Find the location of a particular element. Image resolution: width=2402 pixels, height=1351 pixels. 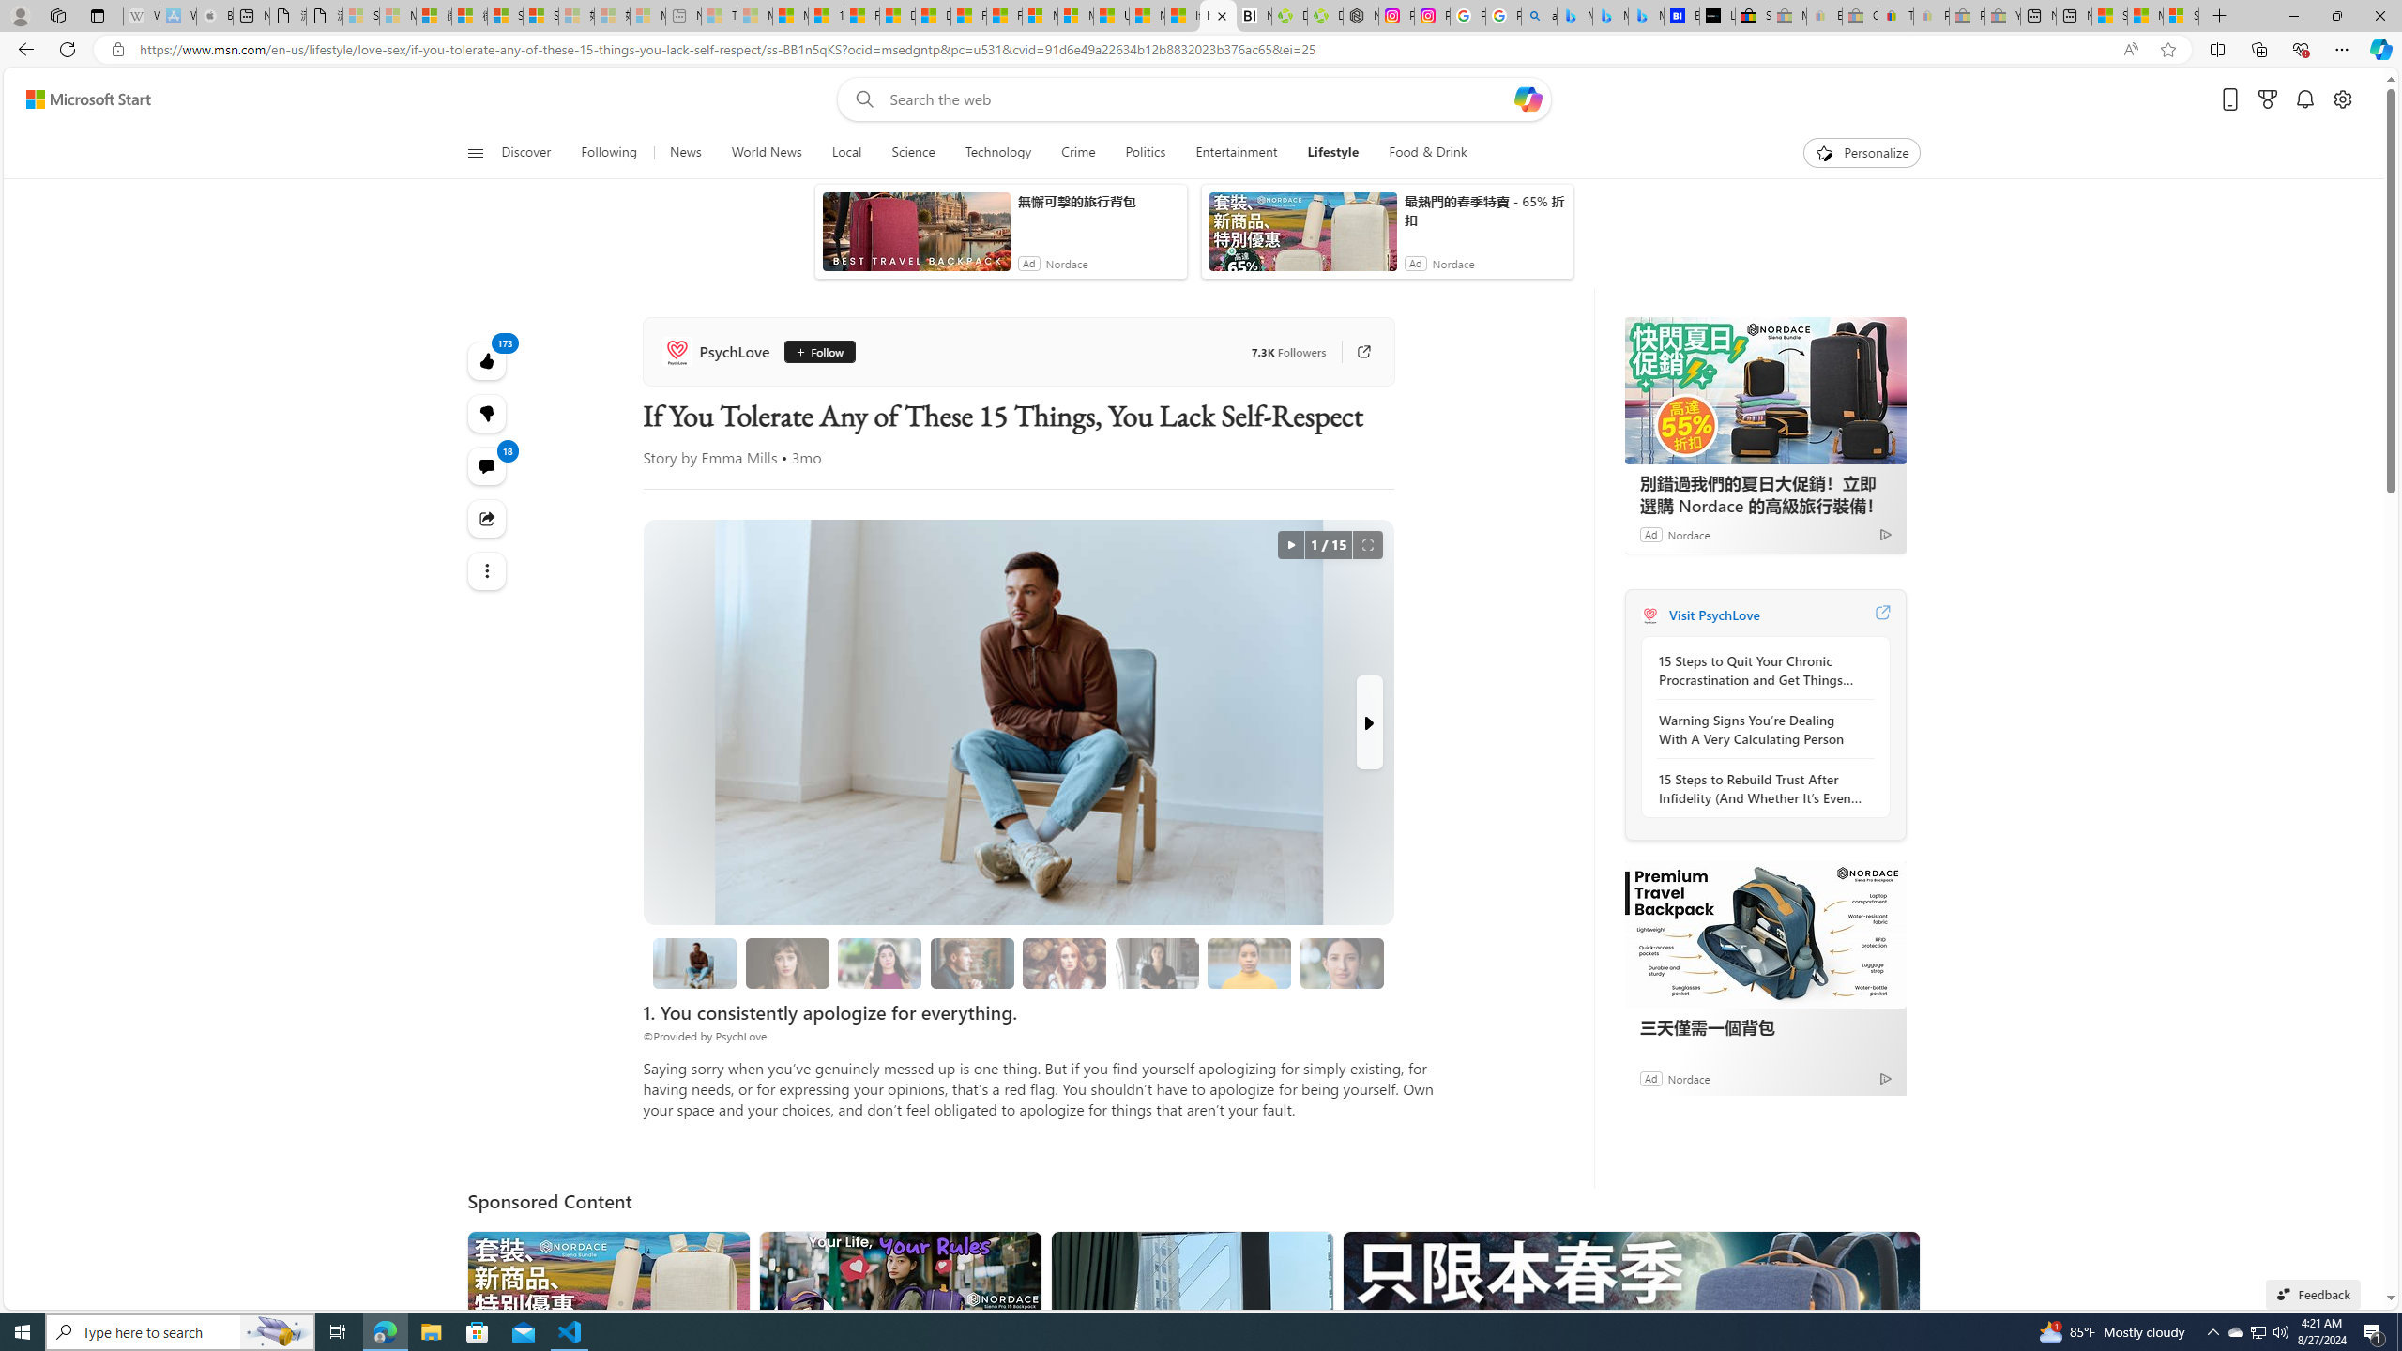

'Notifications' is located at coordinates (2305, 99).